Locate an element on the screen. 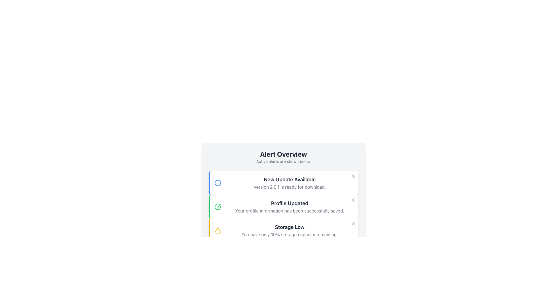  the checkmark symbol within the second alert notification card that indicates a completed action, styled with a green stroke and adjacent to the text 'Profile Updated' is located at coordinates (218, 206).